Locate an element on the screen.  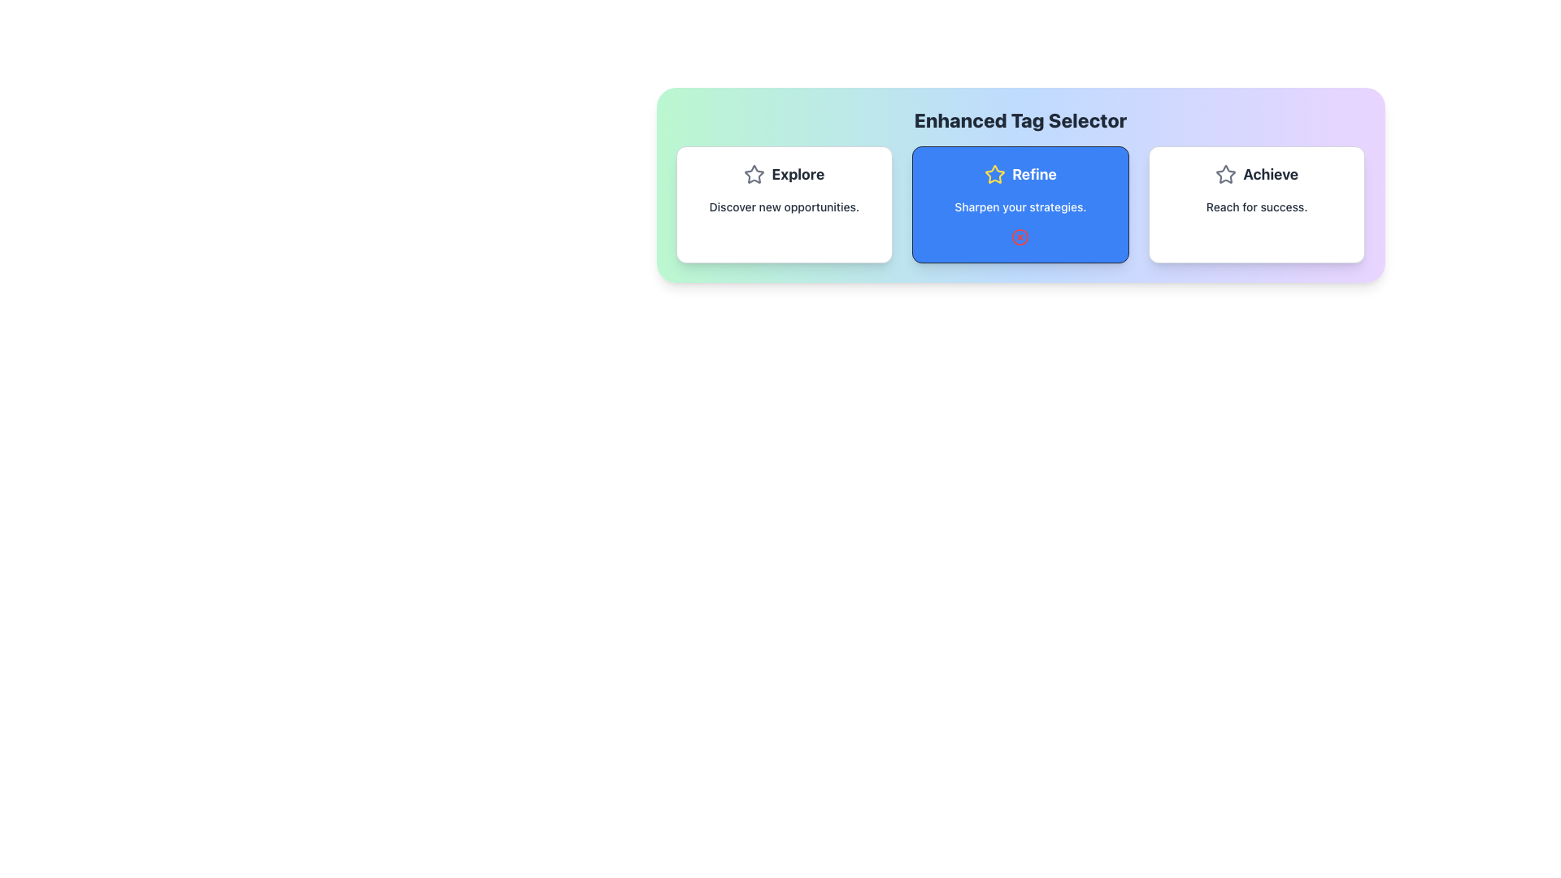
the Text Label that communicates the purpose or action goal associated with the 'Achieve' card, located in the bottom section of the 'Achieve' card component is located at coordinates (1256, 206).